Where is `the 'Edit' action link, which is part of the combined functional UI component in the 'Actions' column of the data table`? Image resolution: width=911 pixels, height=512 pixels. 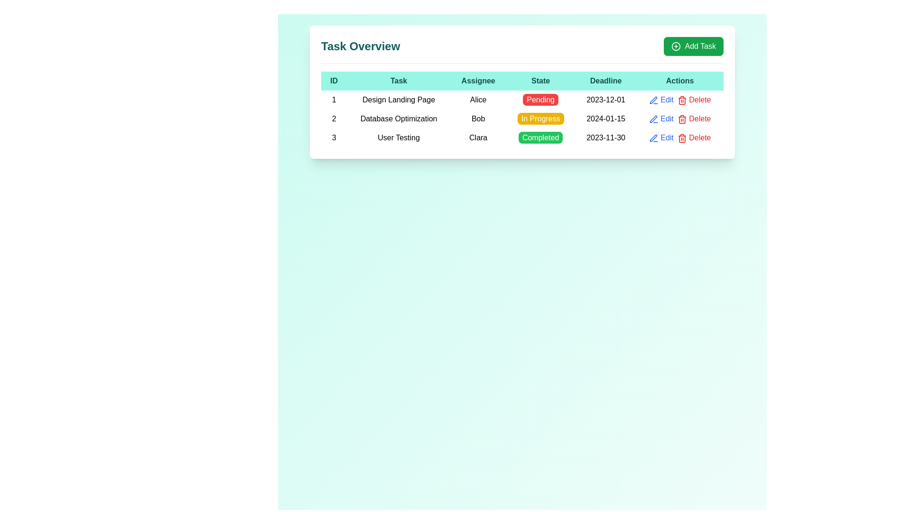 the 'Edit' action link, which is part of the combined functional UI component in the 'Actions' column of the data table is located at coordinates (679, 118).